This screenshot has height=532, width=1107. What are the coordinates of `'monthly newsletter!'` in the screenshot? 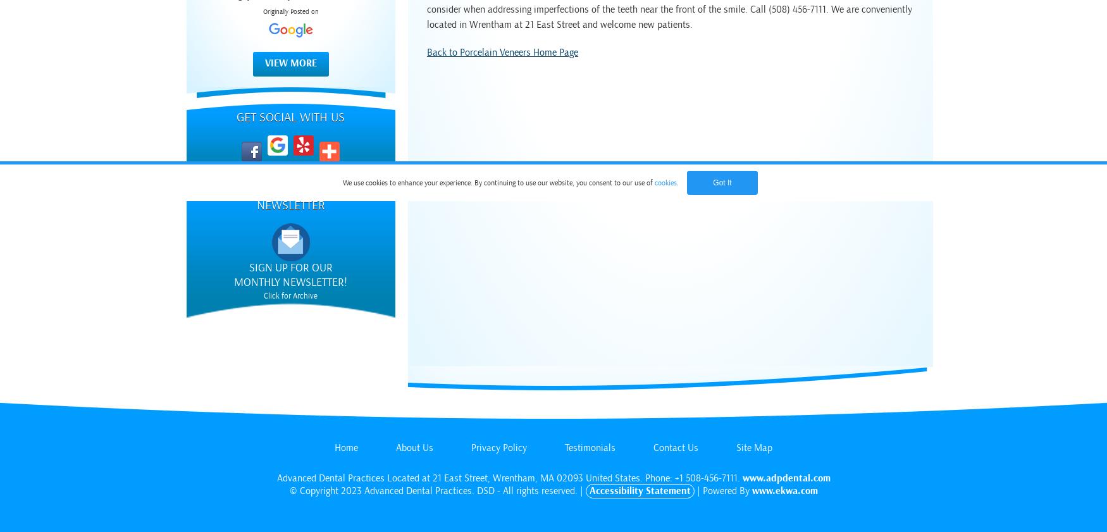 It's located at (290, 281).